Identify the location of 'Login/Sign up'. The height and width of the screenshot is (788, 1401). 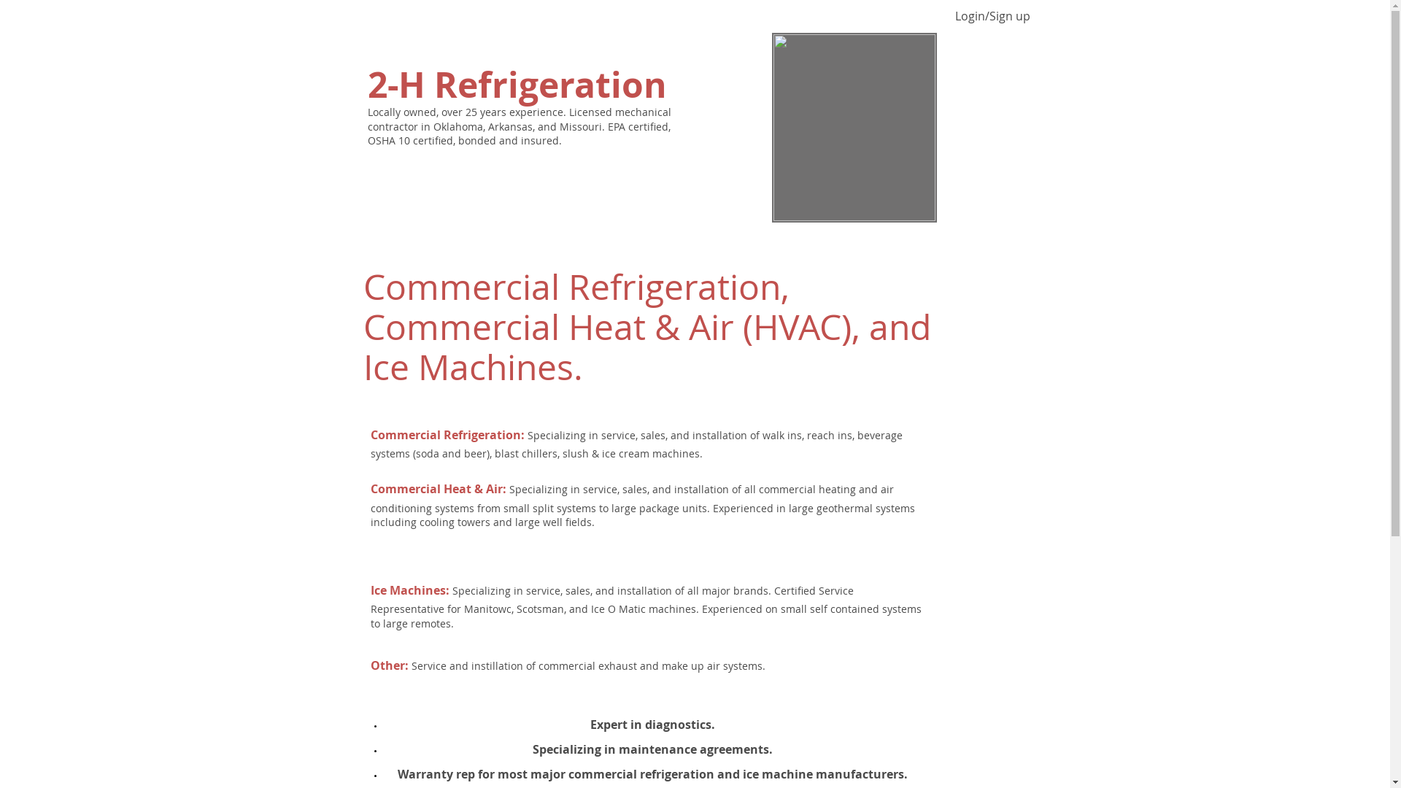
(992, 16).